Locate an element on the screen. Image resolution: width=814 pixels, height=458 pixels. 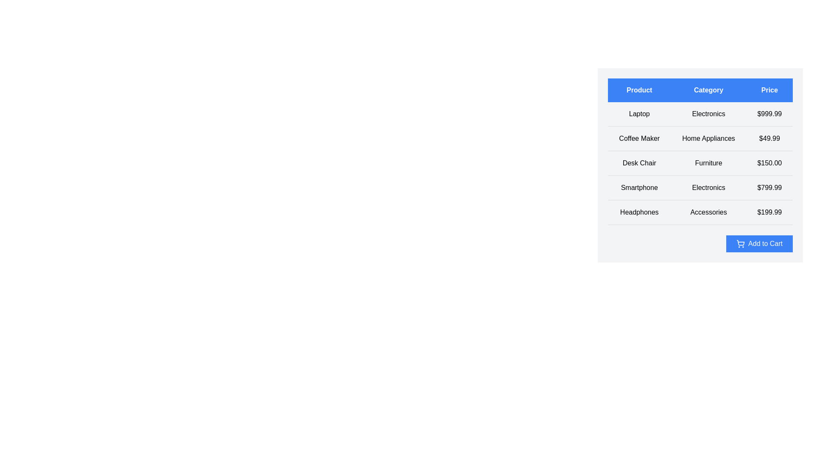
the price display for the product 'Smartphone' located in the fourth row of the table under the 'Price' column is located at coordinates (769, 187).